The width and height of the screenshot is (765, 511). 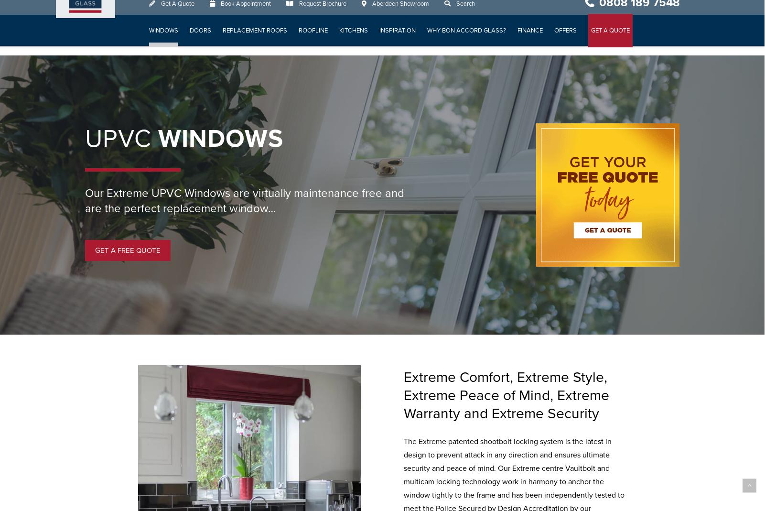 What do you see at coordinates (353, 38) in the screenshot?
I see `'Kitchens'` at bounding box center [353, 38].